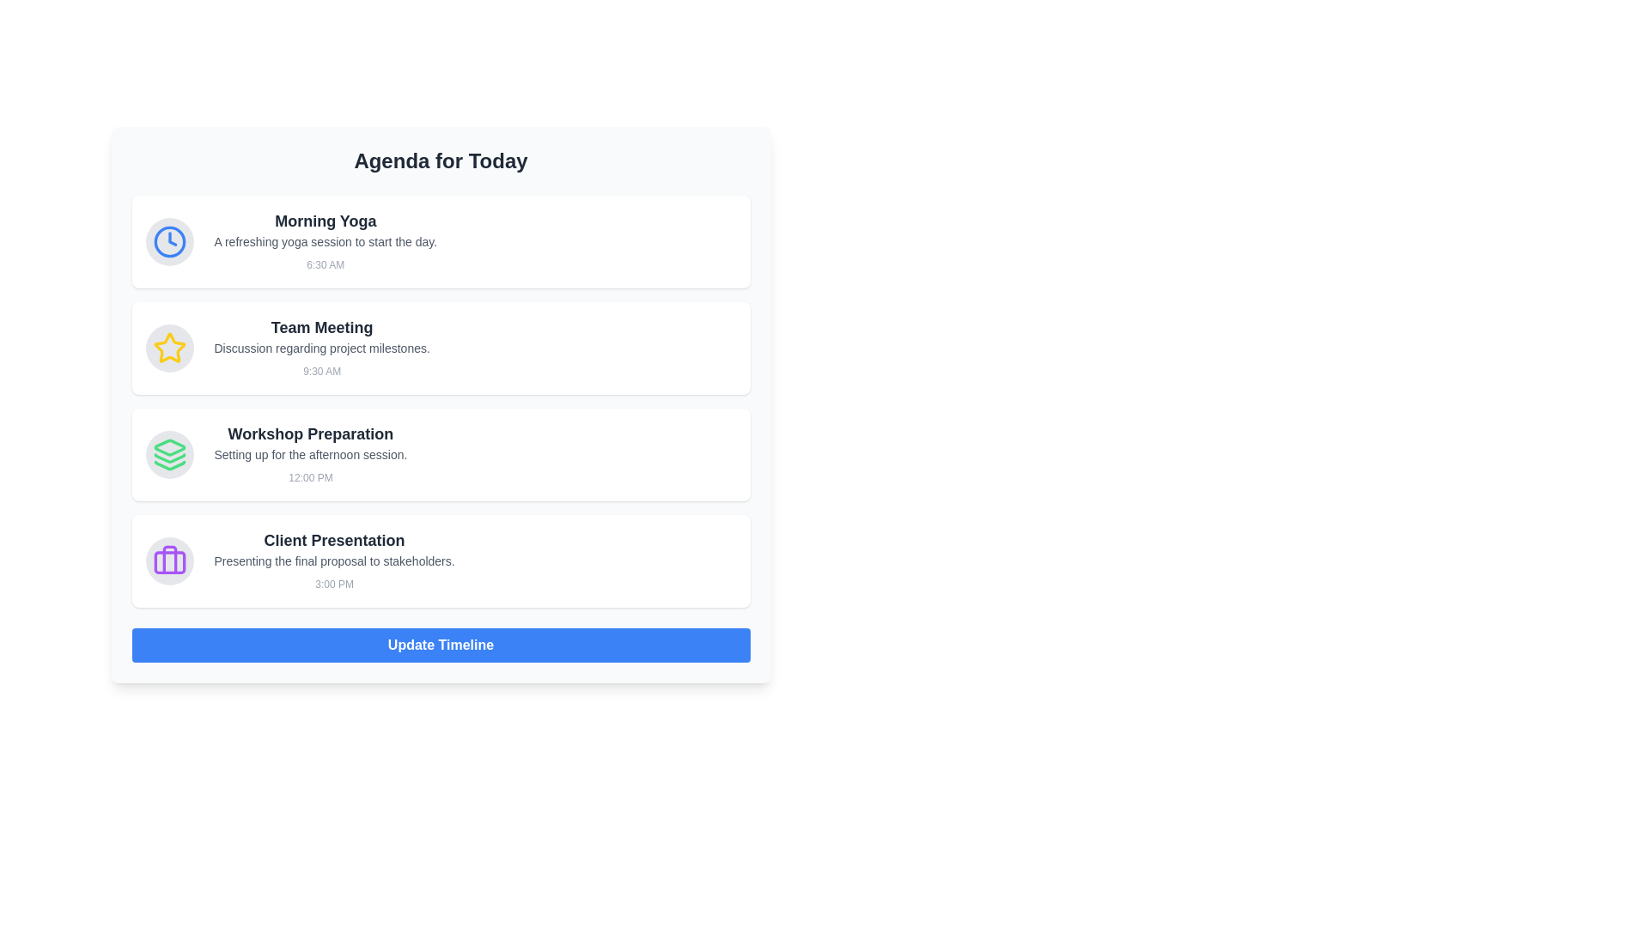 The height and width of the screenshot is (927, 1649). Describe the element at coordinates (326, 221) in the screenshot. I see `the 'Morning Yoga' text label which displays in a bolded, large dark gray font at the top of the agenda section` at that location.